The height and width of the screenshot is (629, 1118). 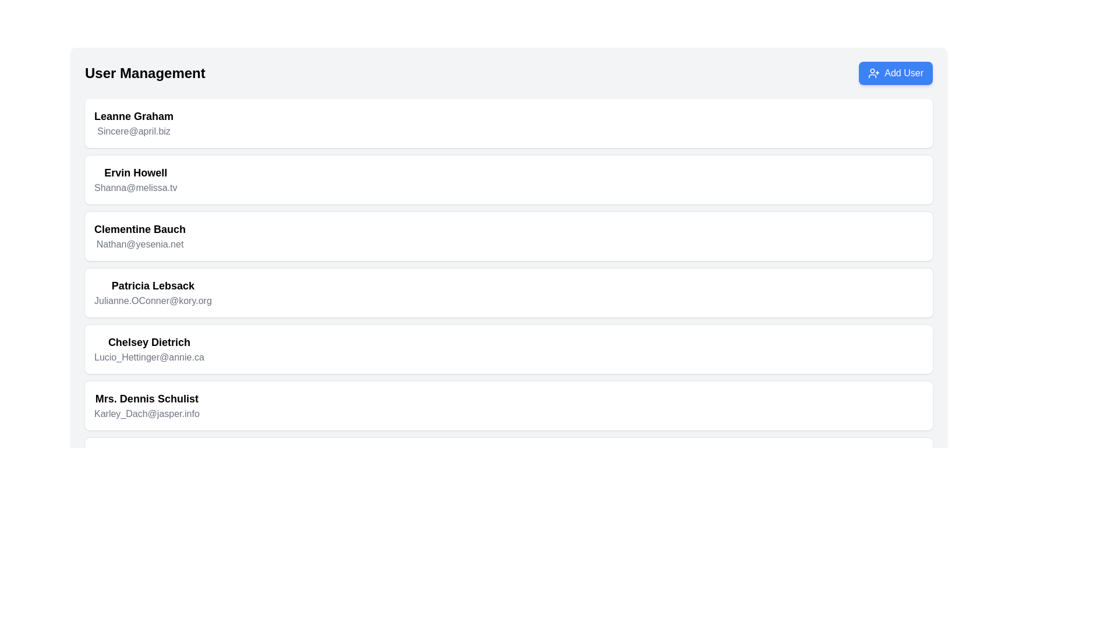 I want to click on the Text Label displaying the user name in the third row of the User Management list, positioned above the email 'Julianne.OConner@kory.org' and below 'Clementine Bauch', so click(x=152, y=285).